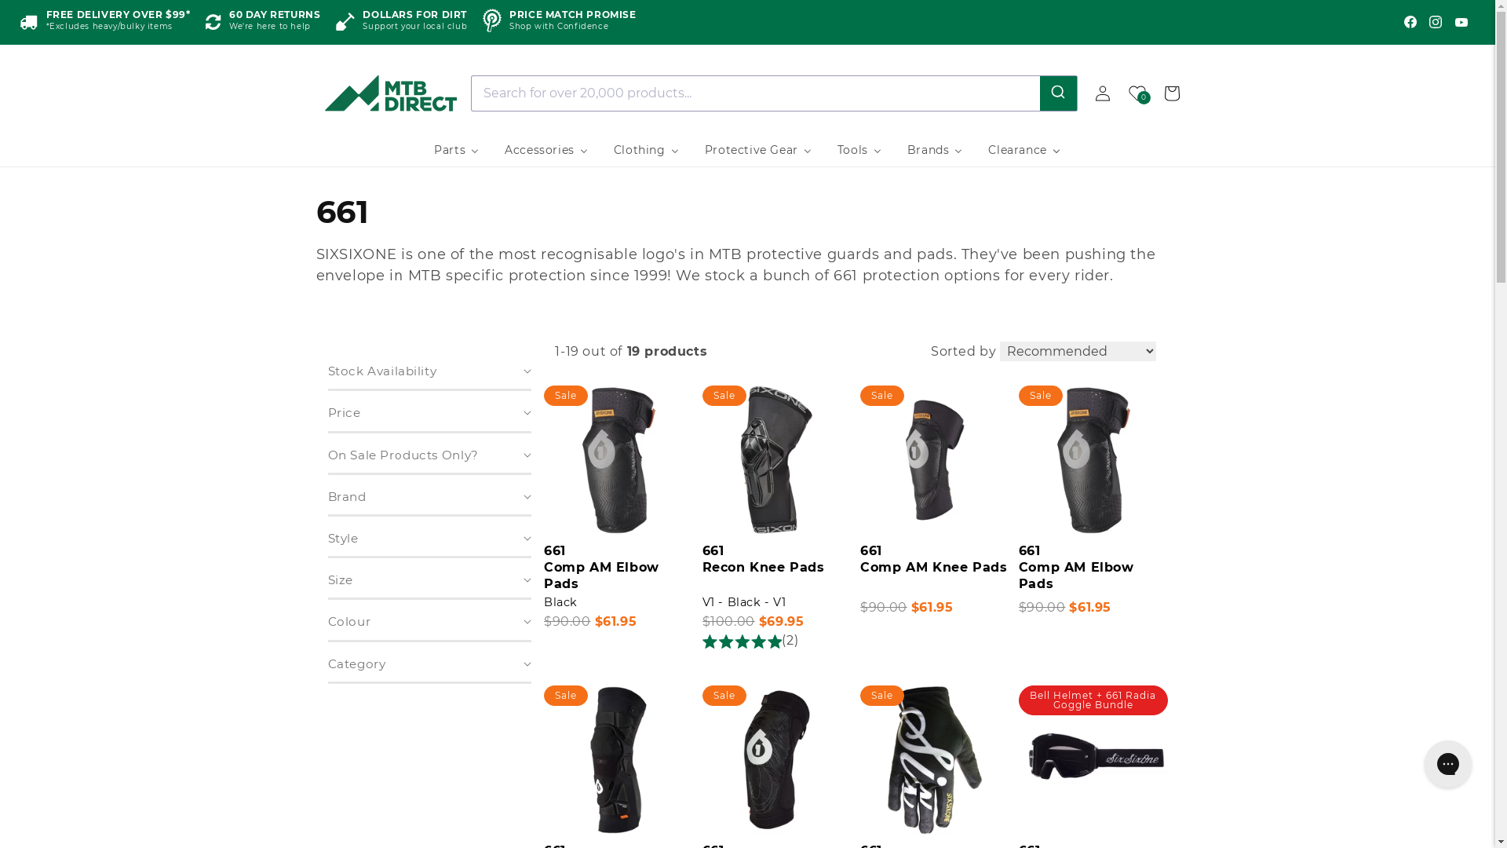  Describe the element at coordinates (546, 150) in the screenshot. I see `'Accessories'` at that location.